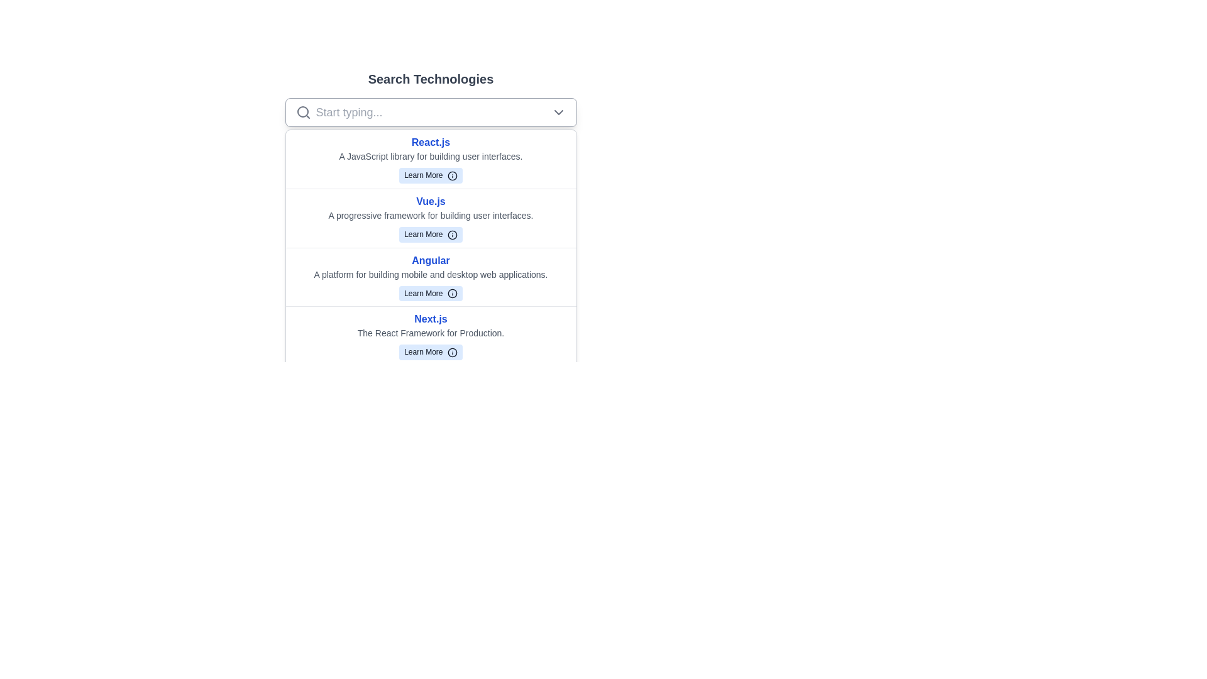 The height and width of the screenshot is (679, 1207). What do you see at coordinates (302, 111) in the screenshot?
I see `the decorative graphical part of the magnifying glass icon located in the top-left region of the interface` at bounding box center [302, 111].